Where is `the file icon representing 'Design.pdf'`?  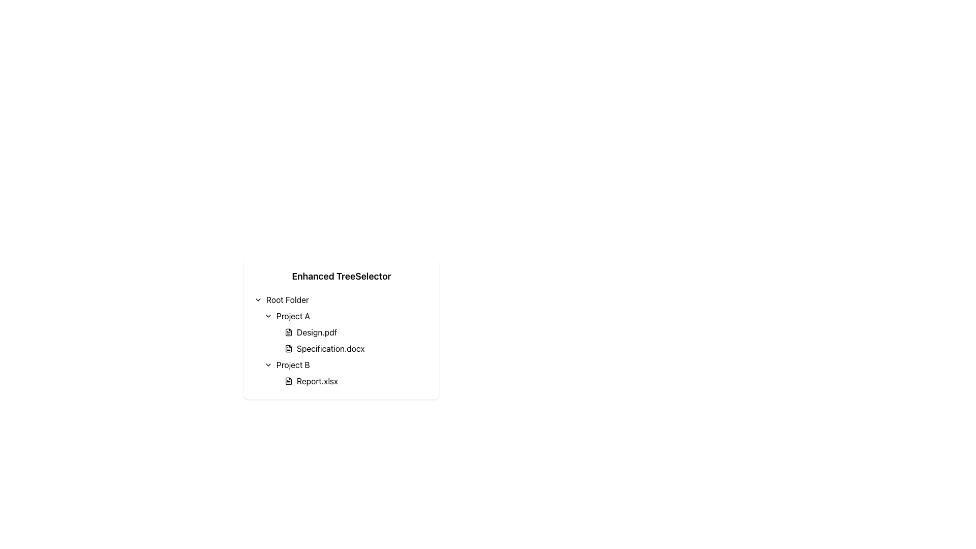 the file icon representing 'Design.pdf' is located at coordinates (288, 332).